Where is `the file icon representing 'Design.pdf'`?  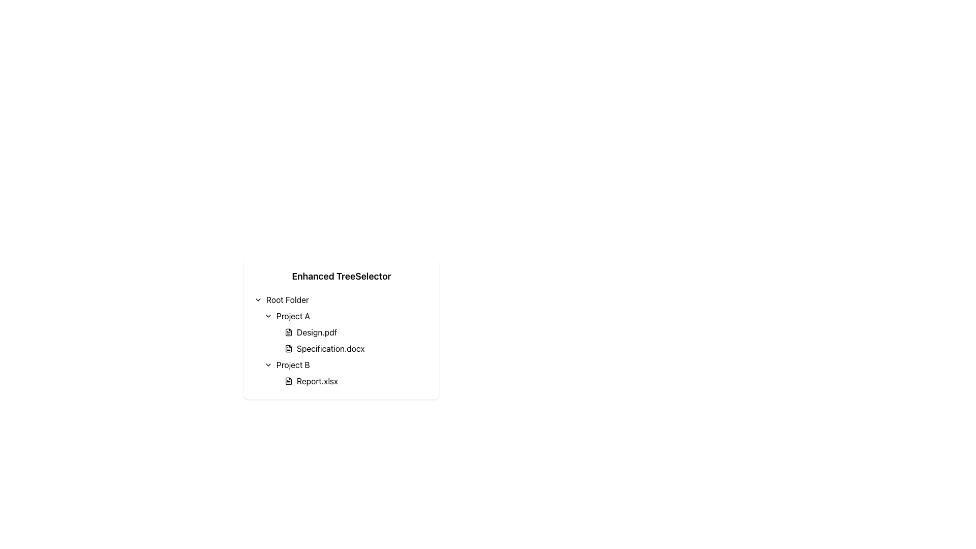 the file icon representing 'Design.pdf' is located at coordinates (288, 332).